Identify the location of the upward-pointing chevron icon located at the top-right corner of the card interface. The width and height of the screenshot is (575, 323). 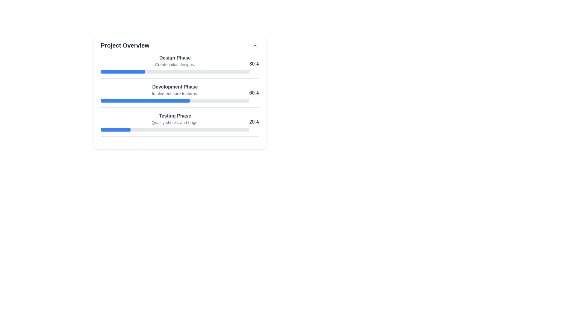
(255, 45).